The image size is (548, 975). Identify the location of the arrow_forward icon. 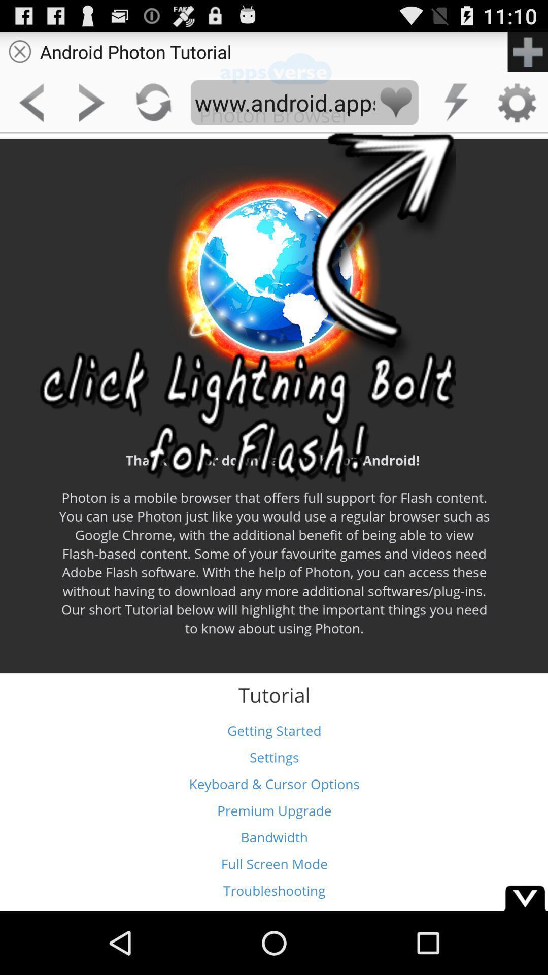
(92, 110).